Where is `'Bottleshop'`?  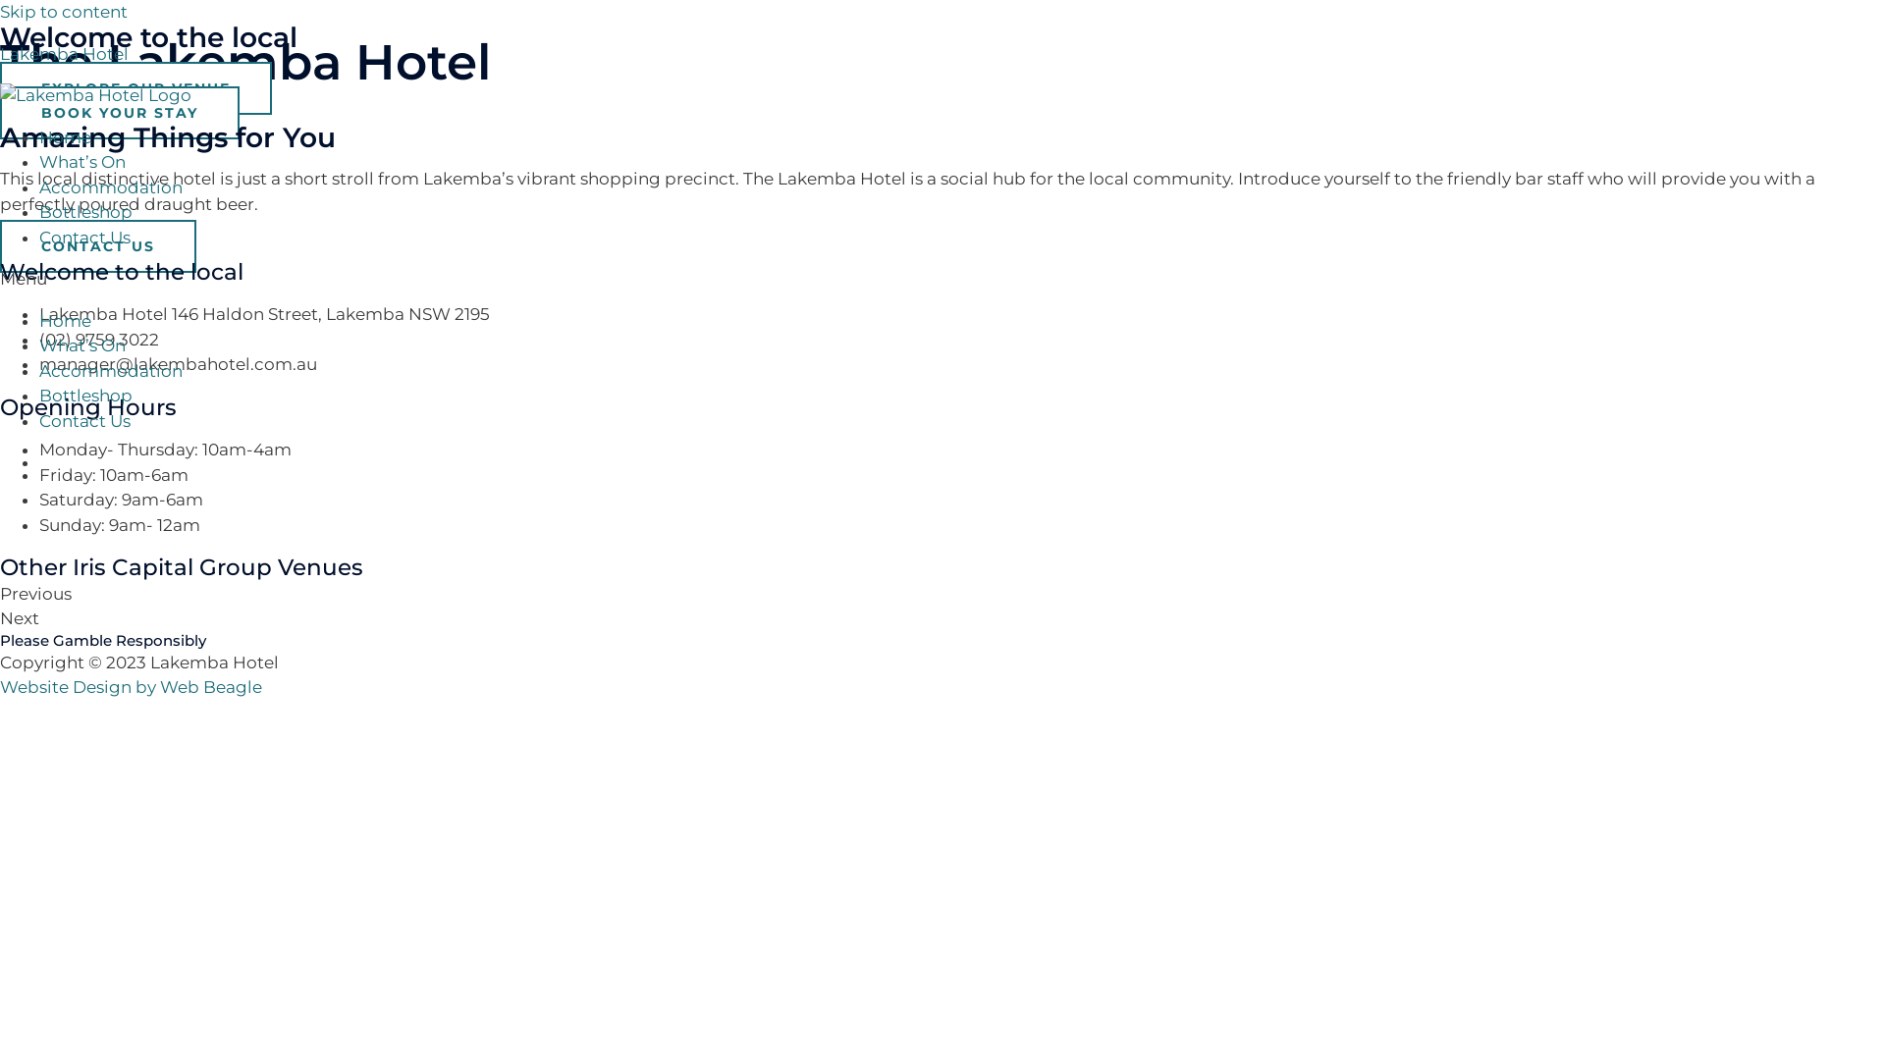
'Bottleshop' is located at coordinates (38, 395).